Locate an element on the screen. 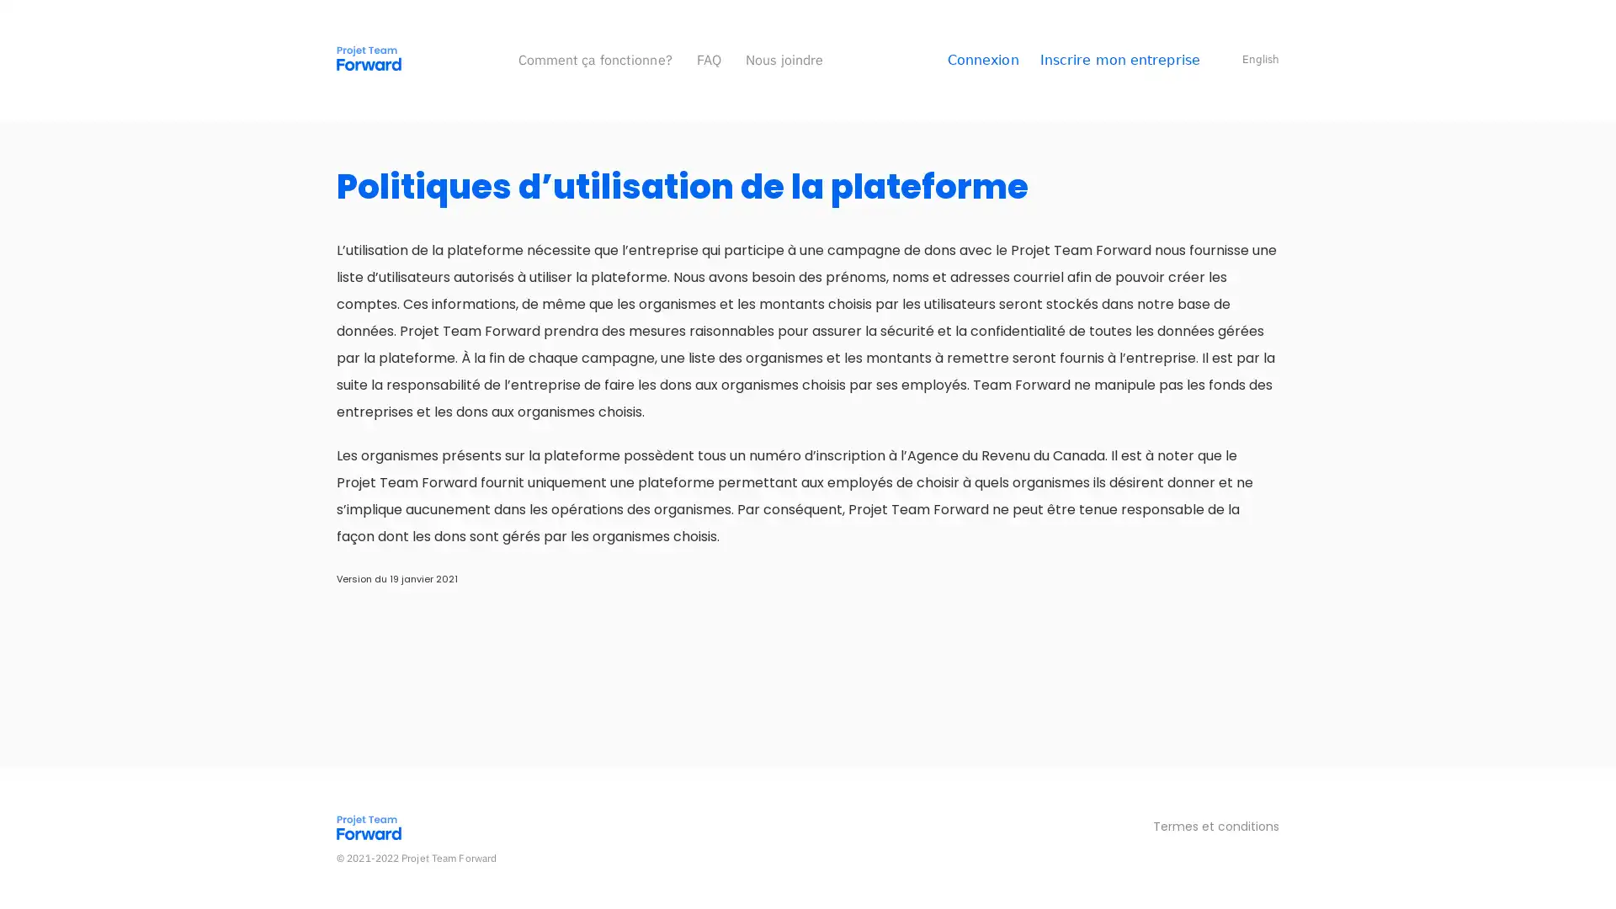 The height and width of the screenshot is (909, 1616). English is located at coordinates (1260, 58).